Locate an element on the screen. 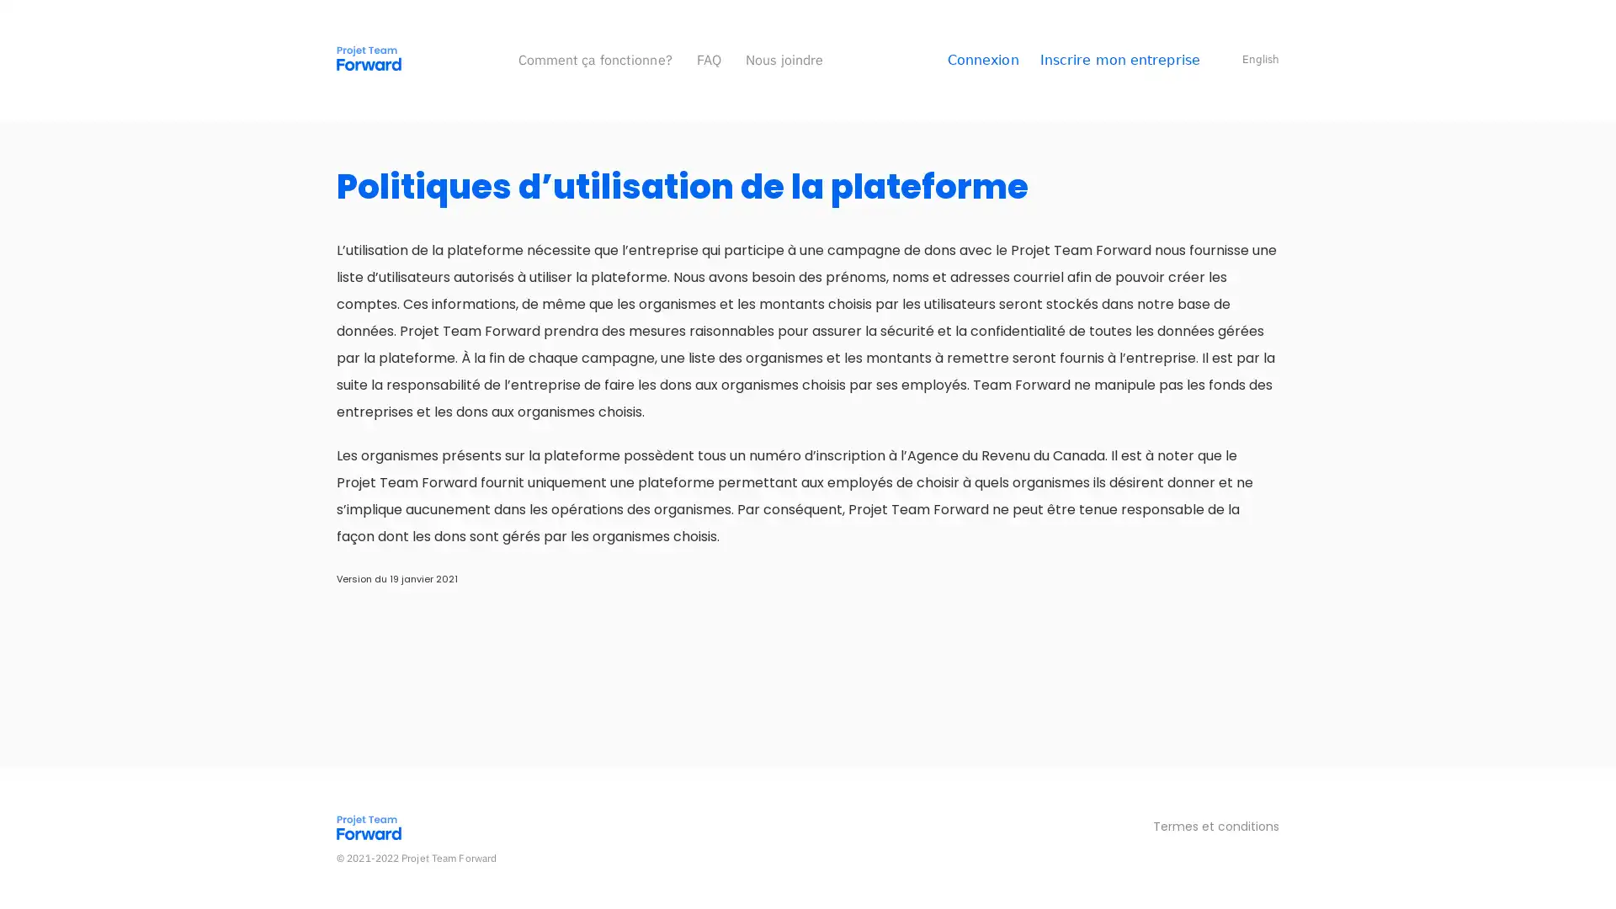 The height and width of the screenshot is (909, 1616). English is located at coordinates (1260, 58).